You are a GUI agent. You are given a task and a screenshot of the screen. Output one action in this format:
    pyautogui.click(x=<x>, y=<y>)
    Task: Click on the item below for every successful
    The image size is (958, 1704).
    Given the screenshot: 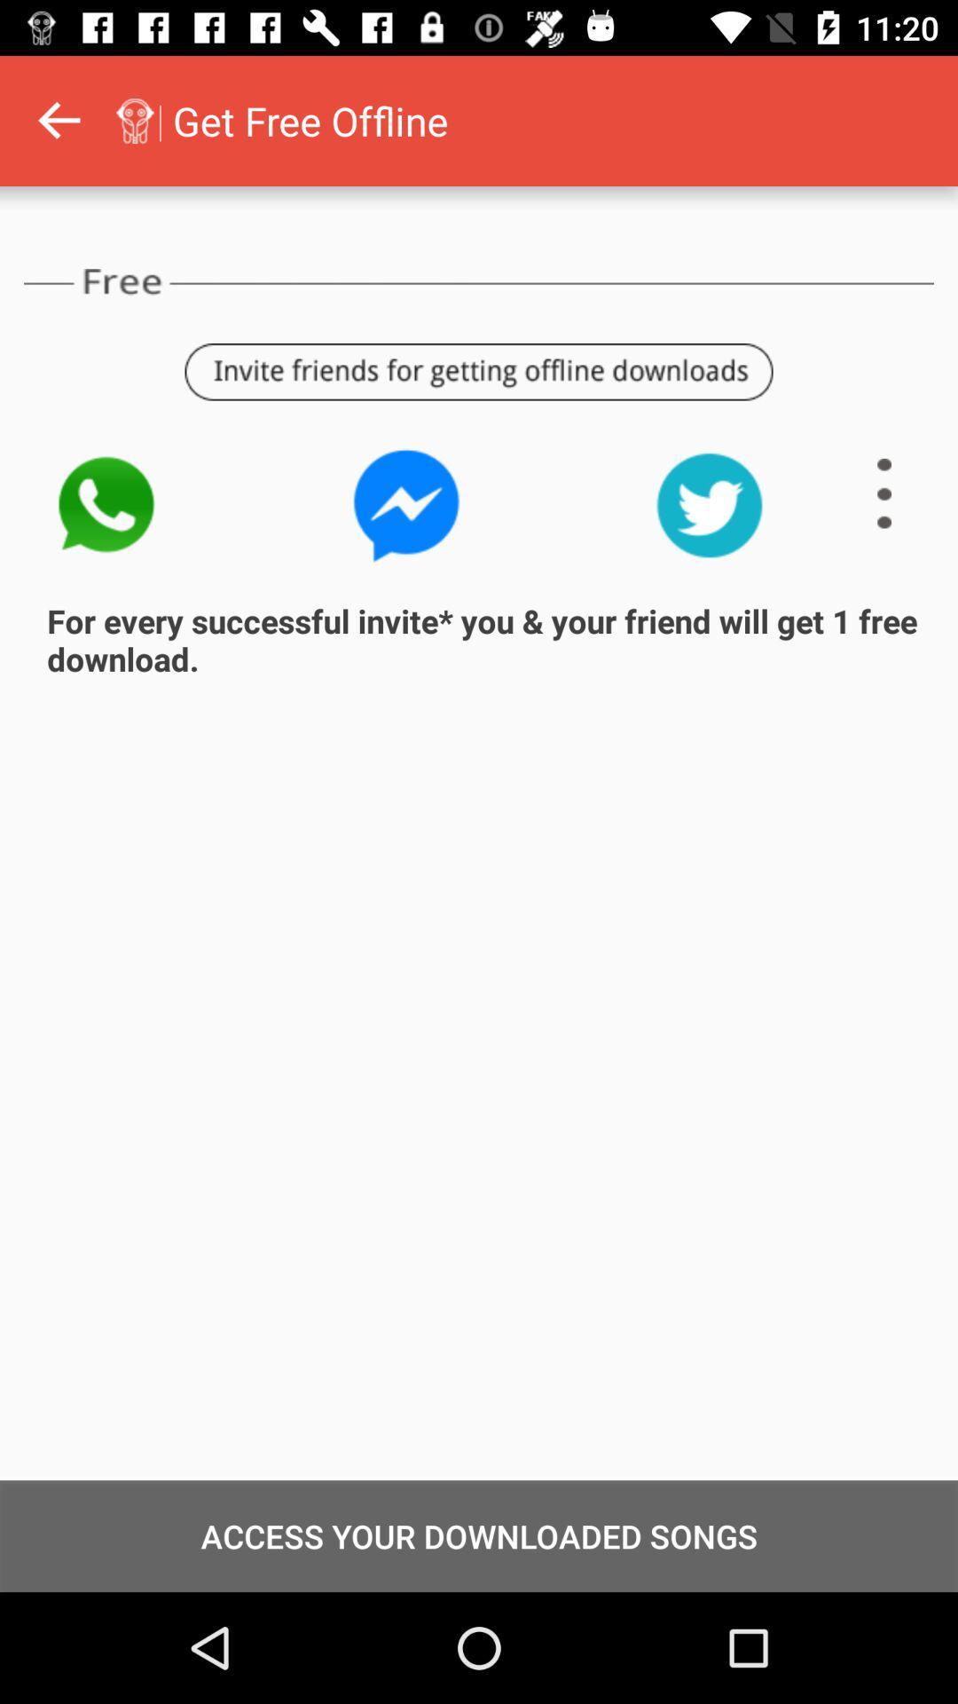 What is the action you would take?
    pyautogui.click(x=479, y=1535)
    